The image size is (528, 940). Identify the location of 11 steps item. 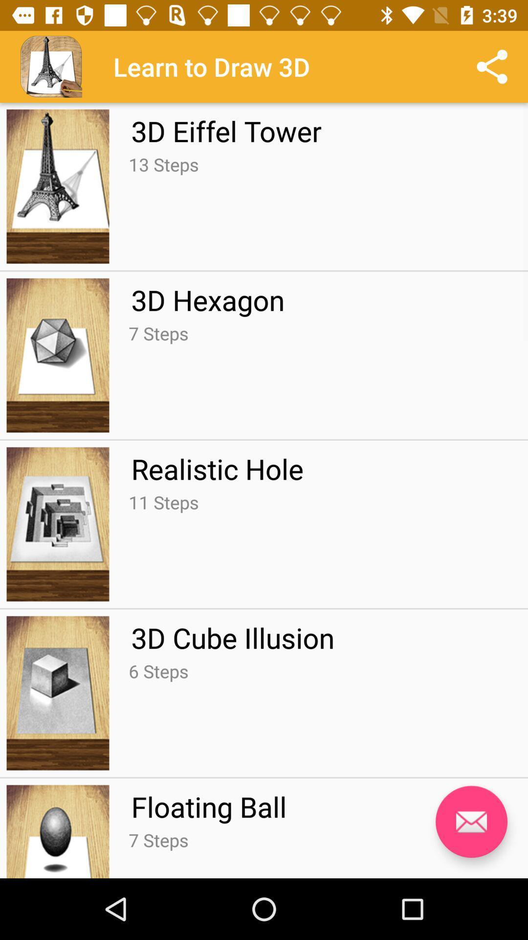
(163, 502).